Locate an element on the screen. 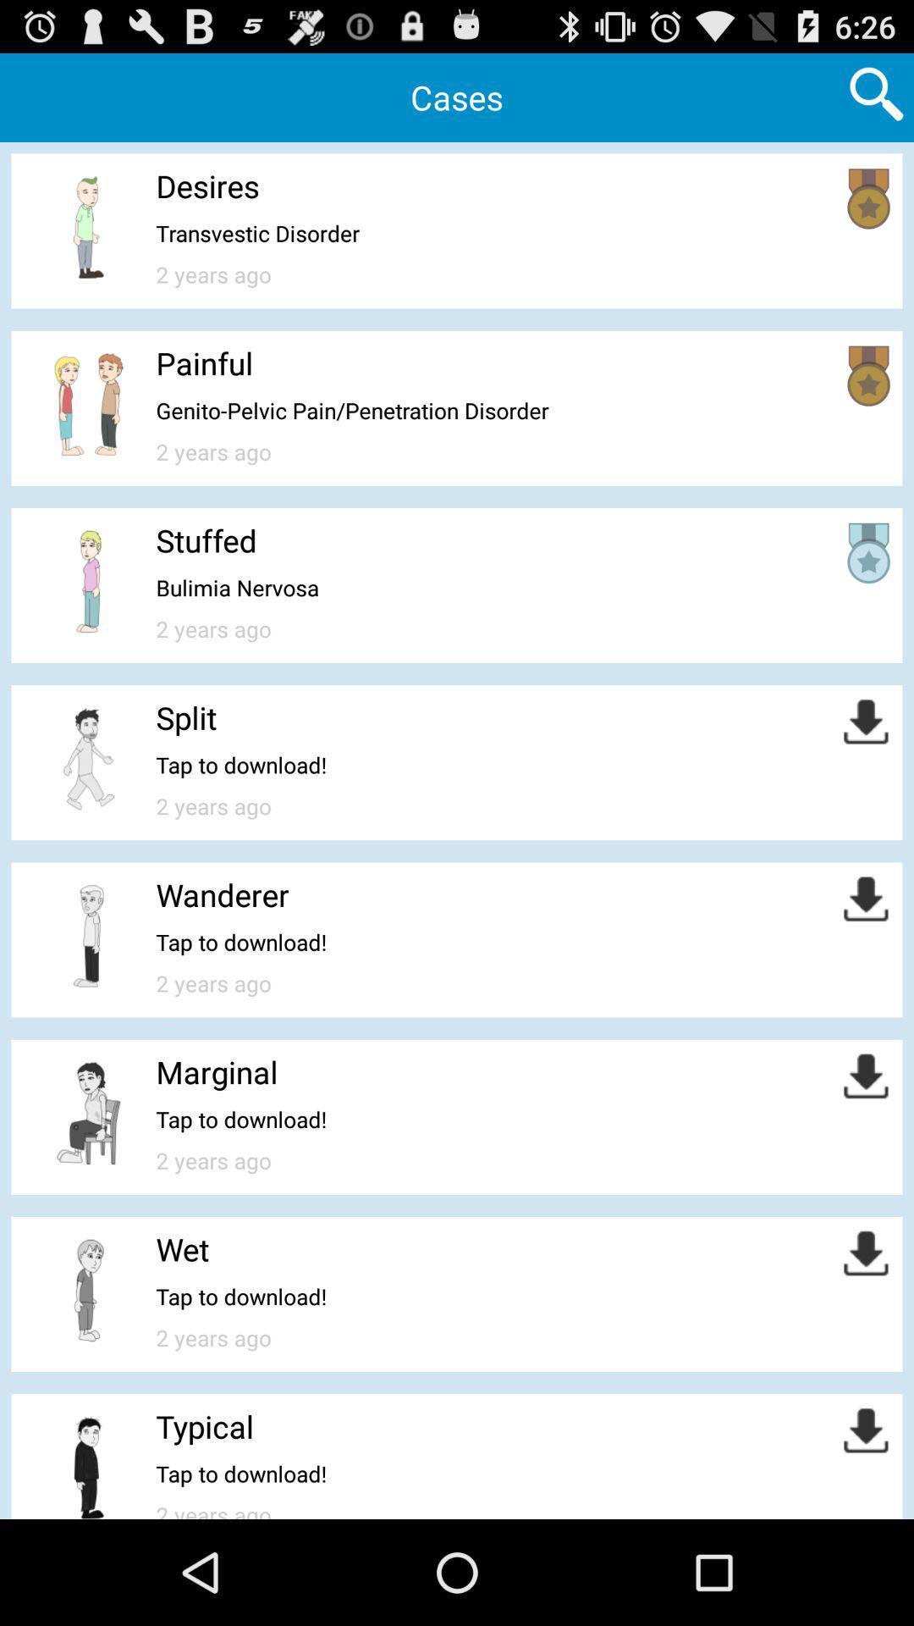 The width and height of the screenshot is (914, 1626). app above the tap to download! item is located at coordinates (222, 893).